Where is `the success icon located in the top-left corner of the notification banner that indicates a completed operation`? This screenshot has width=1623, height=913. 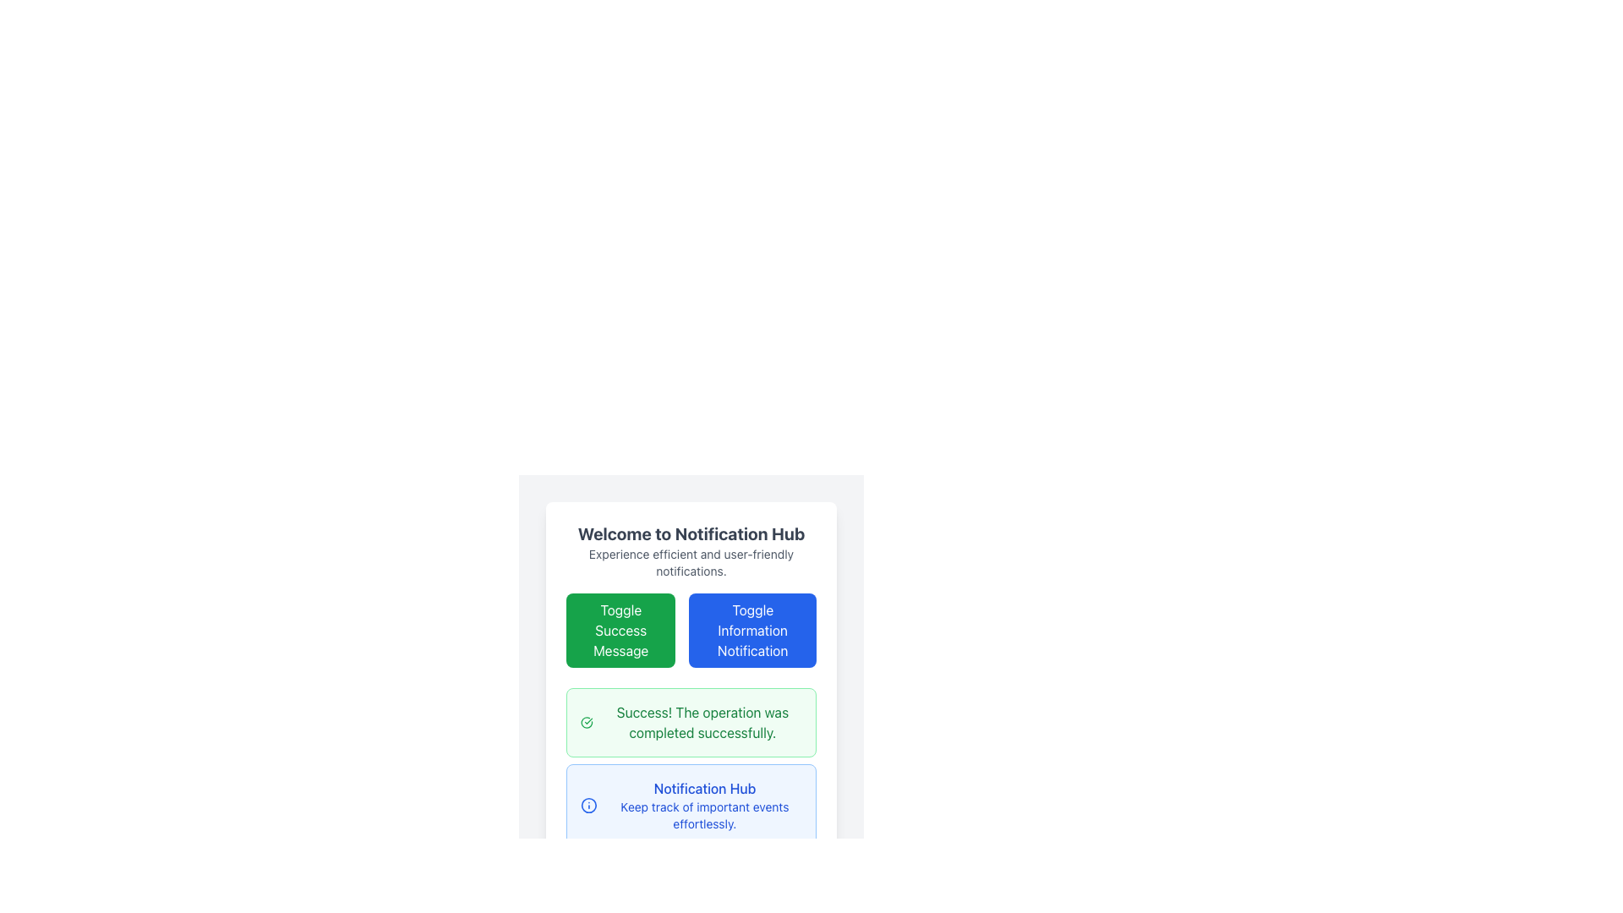 the success icon located in the top-left corner of the notification banner that indicates a completed operation is located at coordinates (587, 723).